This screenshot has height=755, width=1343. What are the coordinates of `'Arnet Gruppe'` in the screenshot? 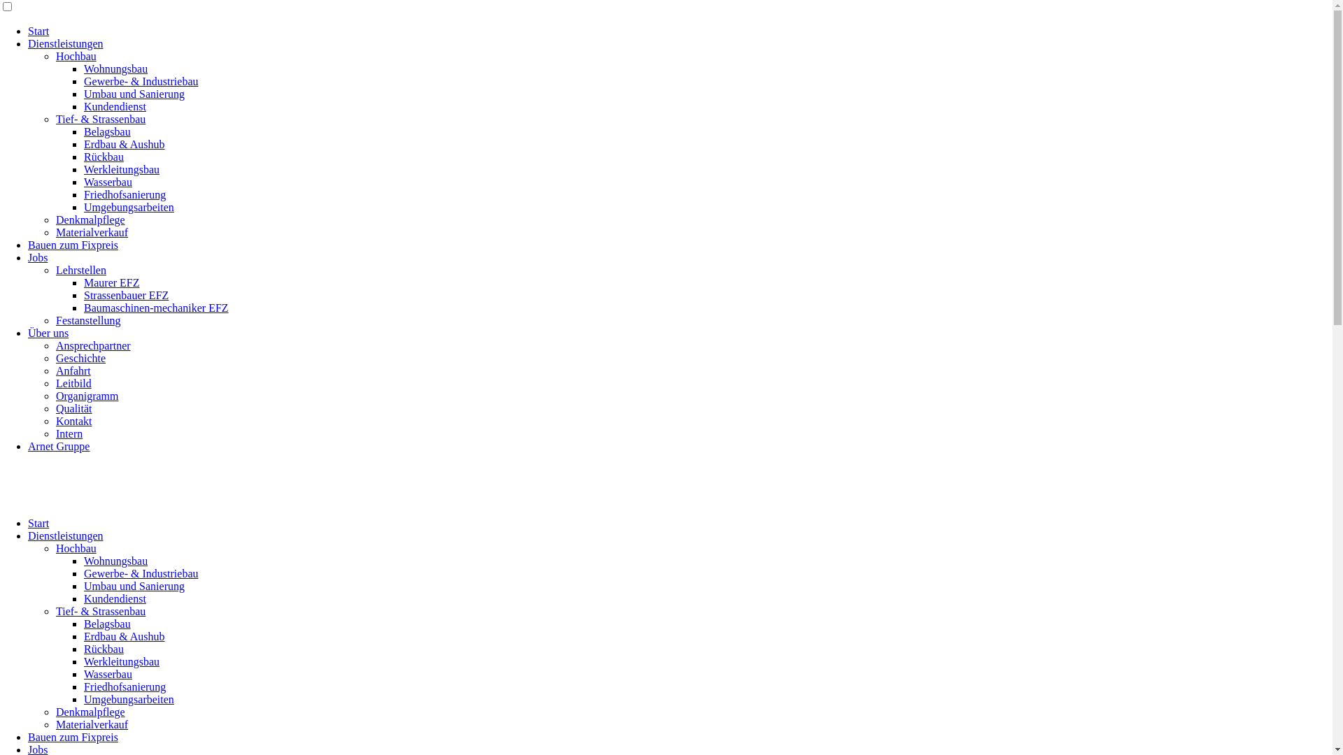 It's located at (57, 446).